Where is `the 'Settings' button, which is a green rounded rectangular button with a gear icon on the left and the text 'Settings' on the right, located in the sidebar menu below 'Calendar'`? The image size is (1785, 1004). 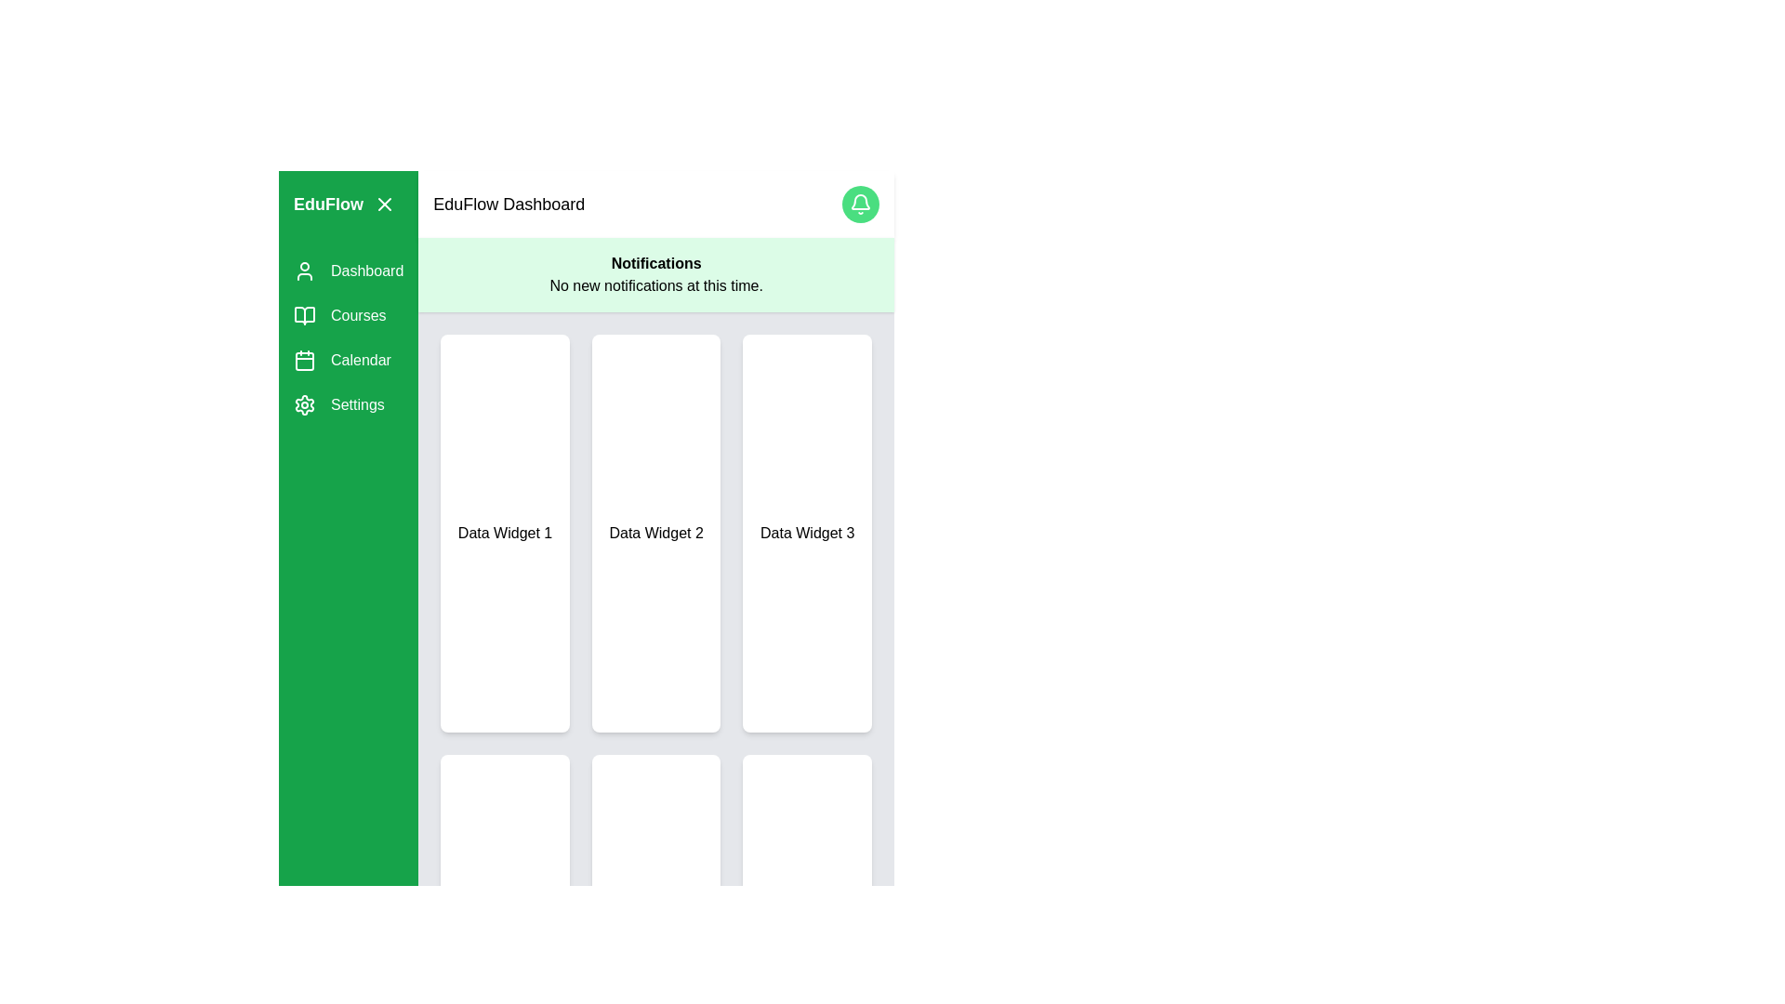
the 'Settings' button, which is a green rounded rectangular button with a gear icon on the left and the text 'Settings' on the right, located in the sidebar menu below 'Calendar' is located at coordinates (349, 403).